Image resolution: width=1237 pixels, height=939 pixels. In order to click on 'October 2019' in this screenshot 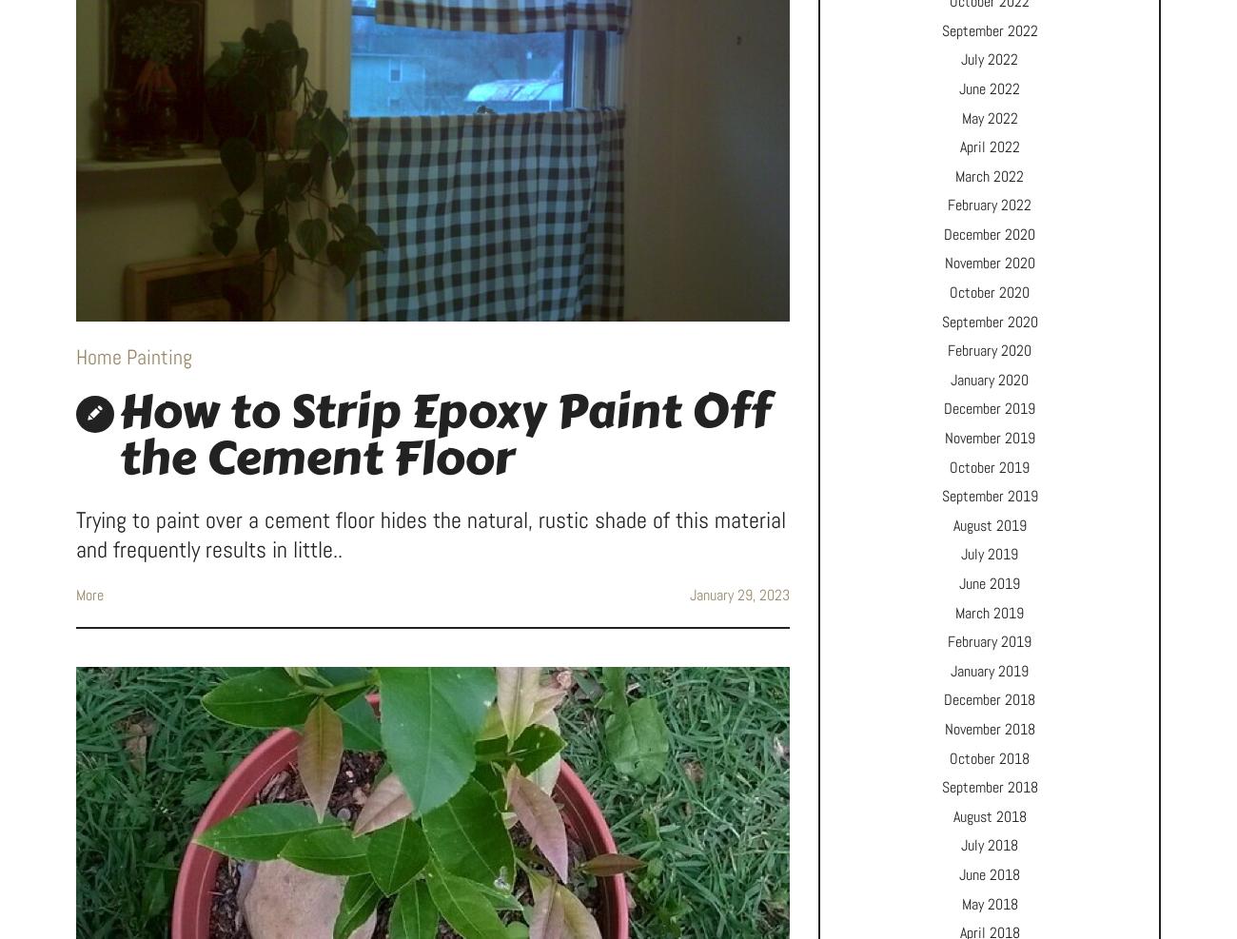, I will do `click(990, 465)`.